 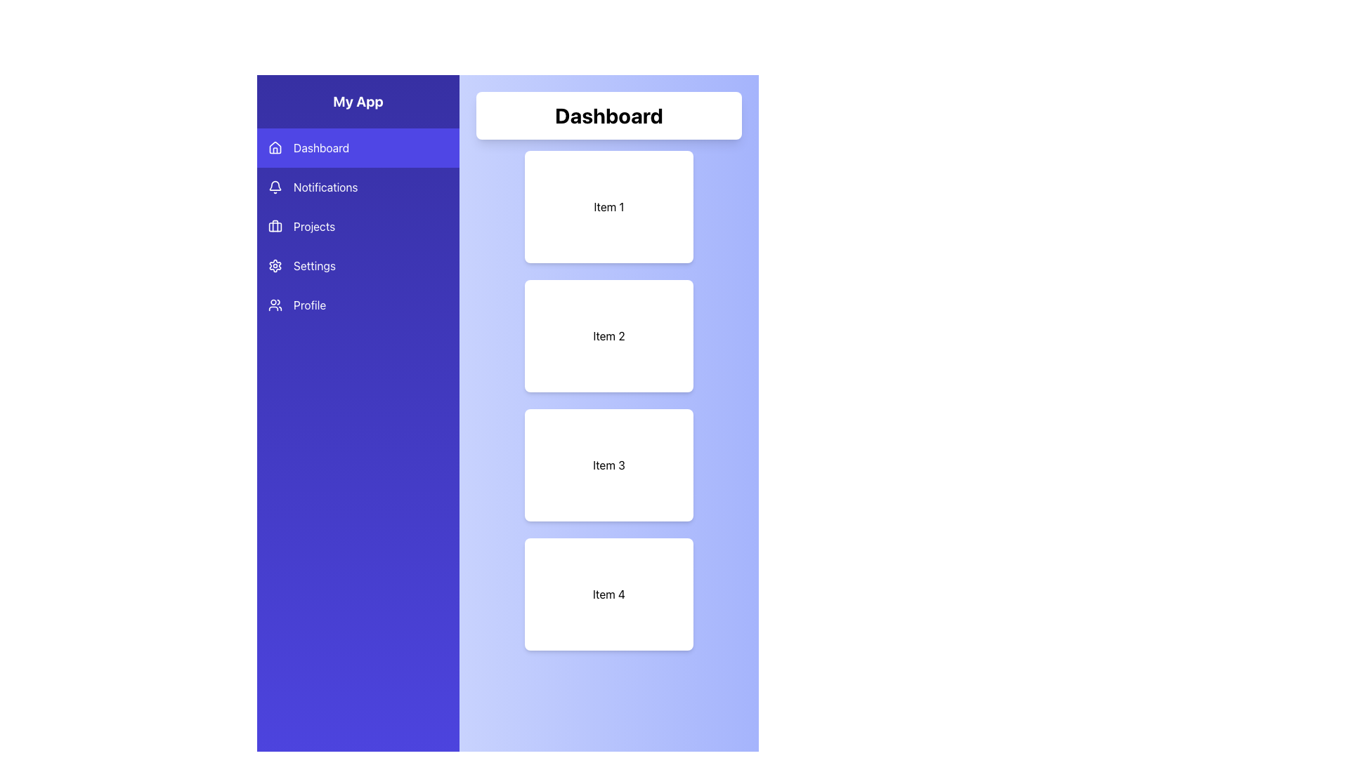 I want to click on the 'Projects' button located in the vertical navigation menu of the sidebar, positioned between the 'Notifications' and 'Settings' menu items, so click(x=358, y=226).